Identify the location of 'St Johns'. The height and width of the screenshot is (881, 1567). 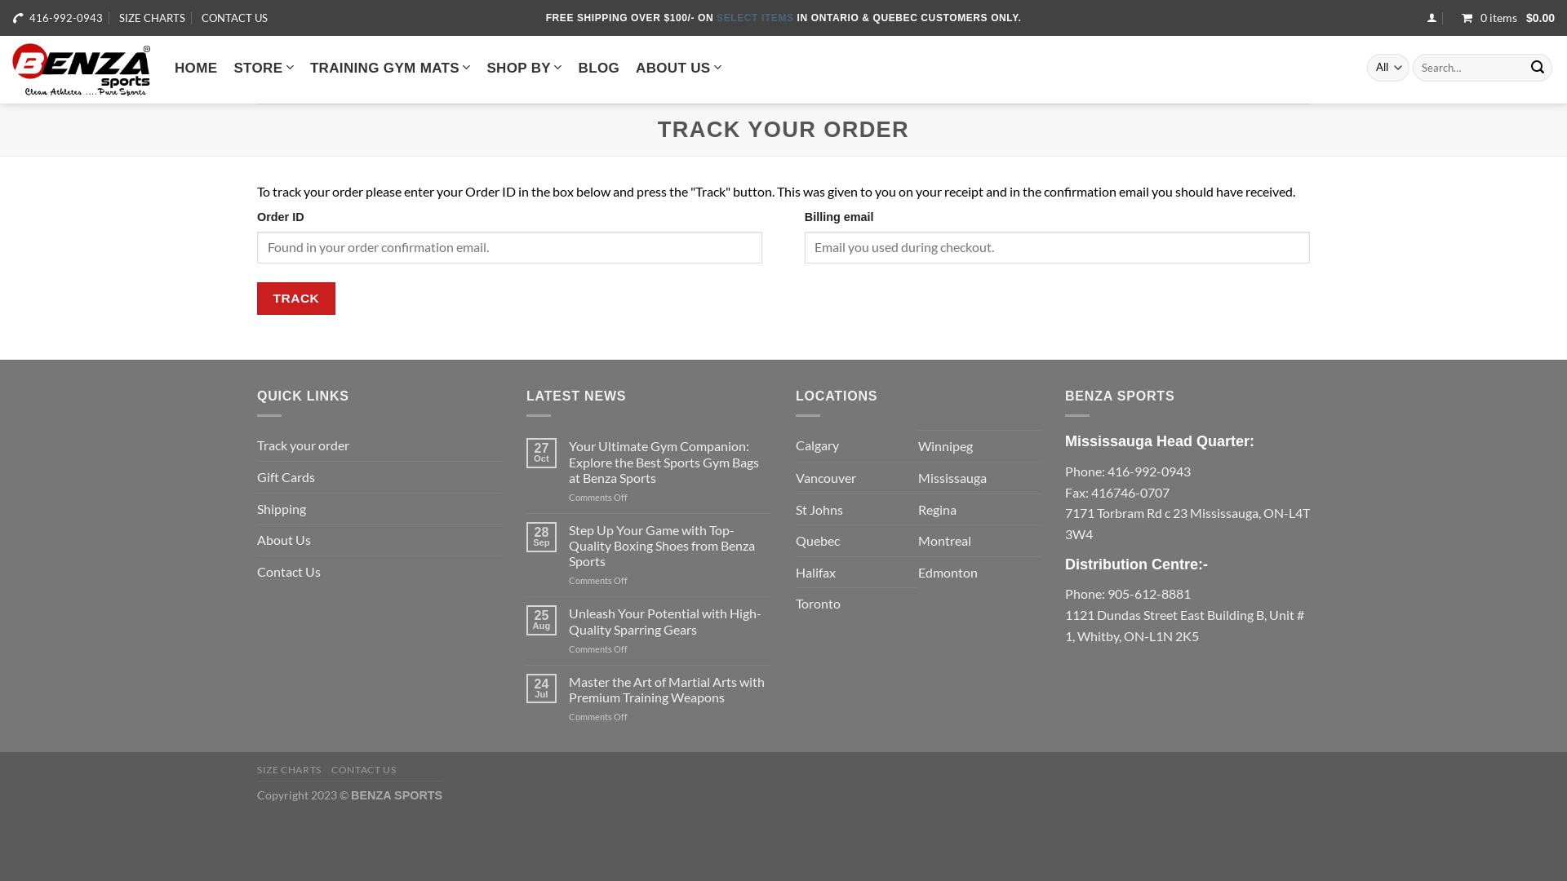
(819, 508).